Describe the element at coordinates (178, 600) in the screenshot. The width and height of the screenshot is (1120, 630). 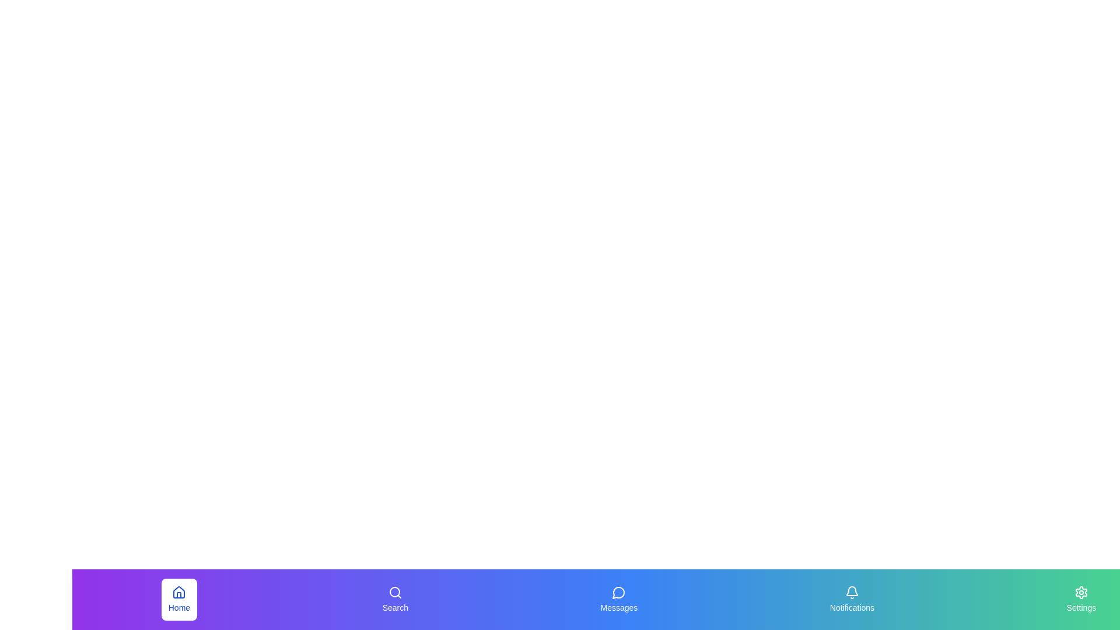
I see `the navigation icon labeled 'Home'` at that location.